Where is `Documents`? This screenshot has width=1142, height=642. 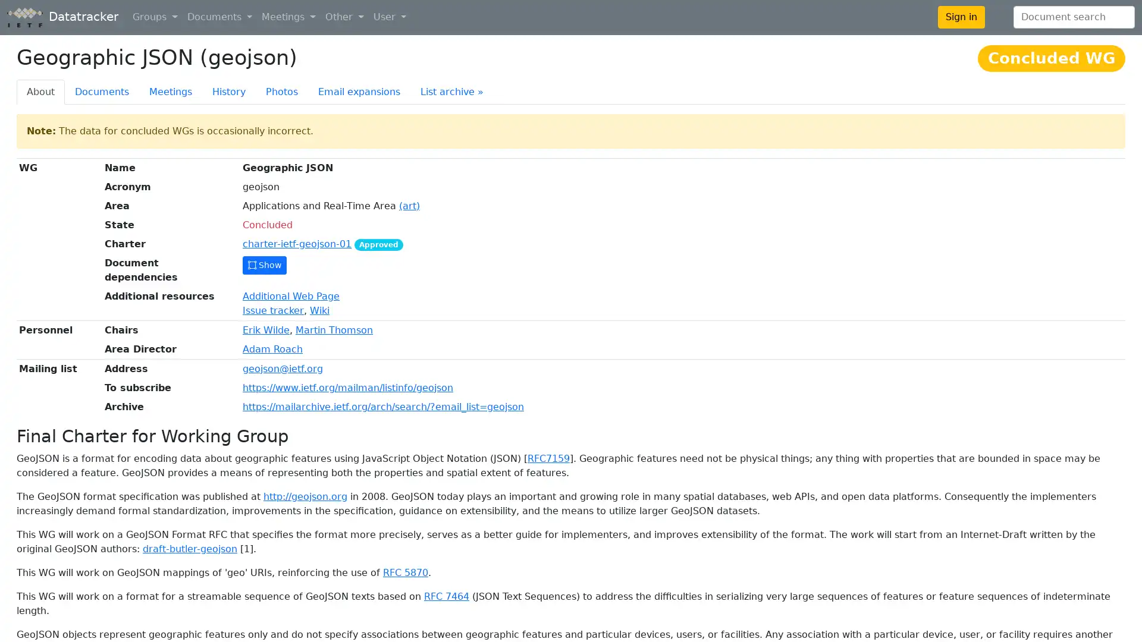
Documents is located at coordinates (219, 17).